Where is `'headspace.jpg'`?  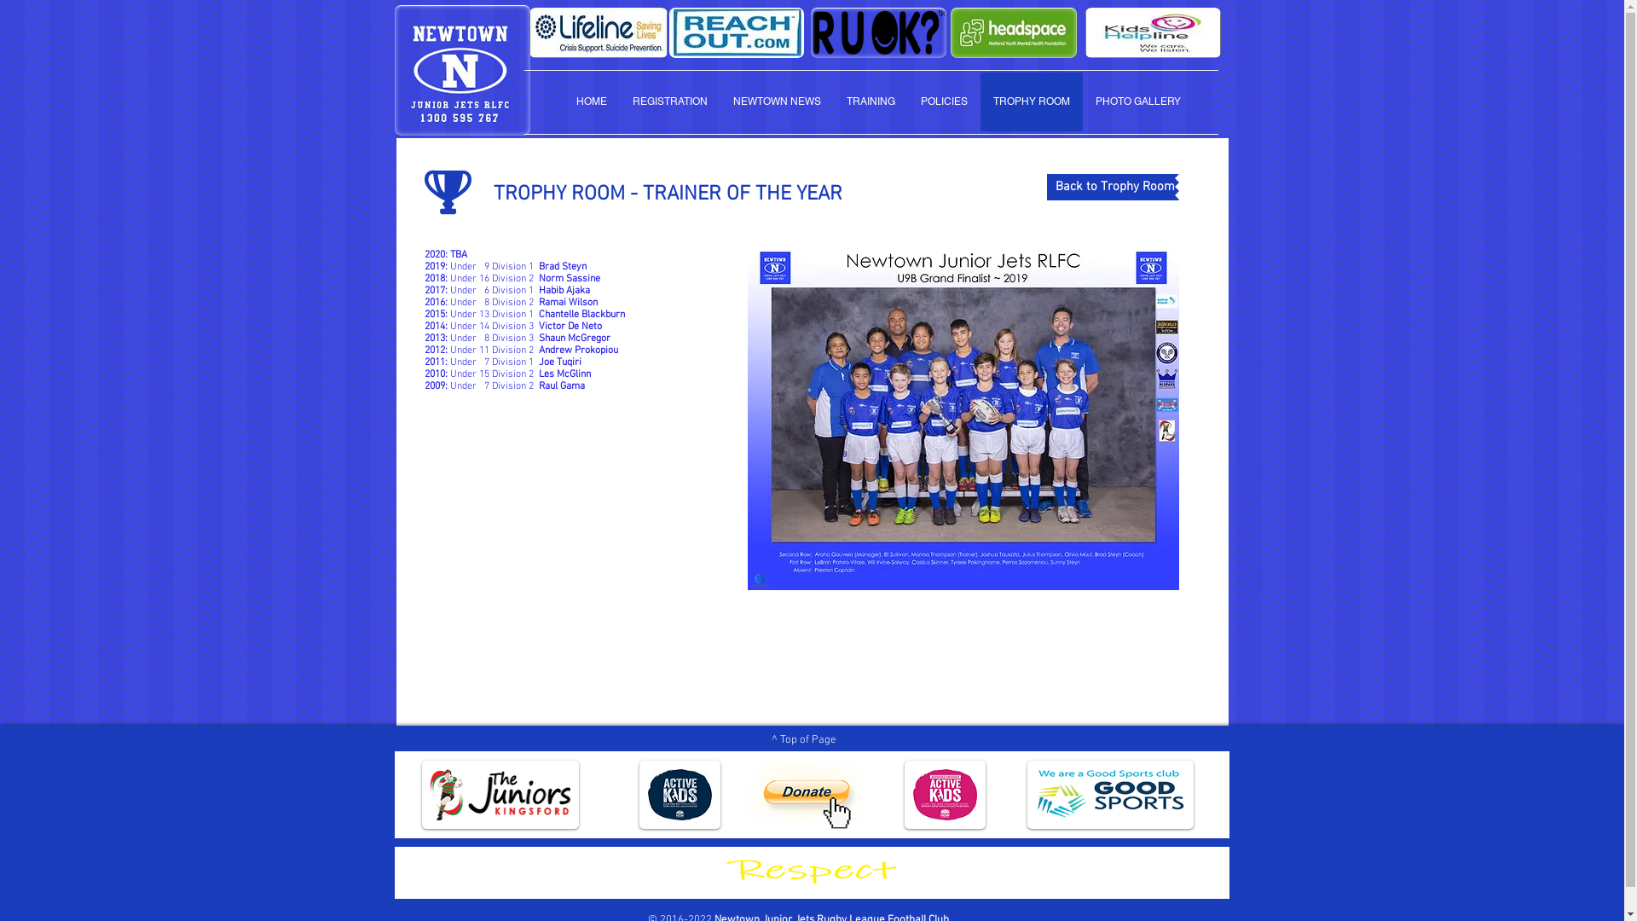
'headspace.jpg' is located at coordinates (1013, 32).